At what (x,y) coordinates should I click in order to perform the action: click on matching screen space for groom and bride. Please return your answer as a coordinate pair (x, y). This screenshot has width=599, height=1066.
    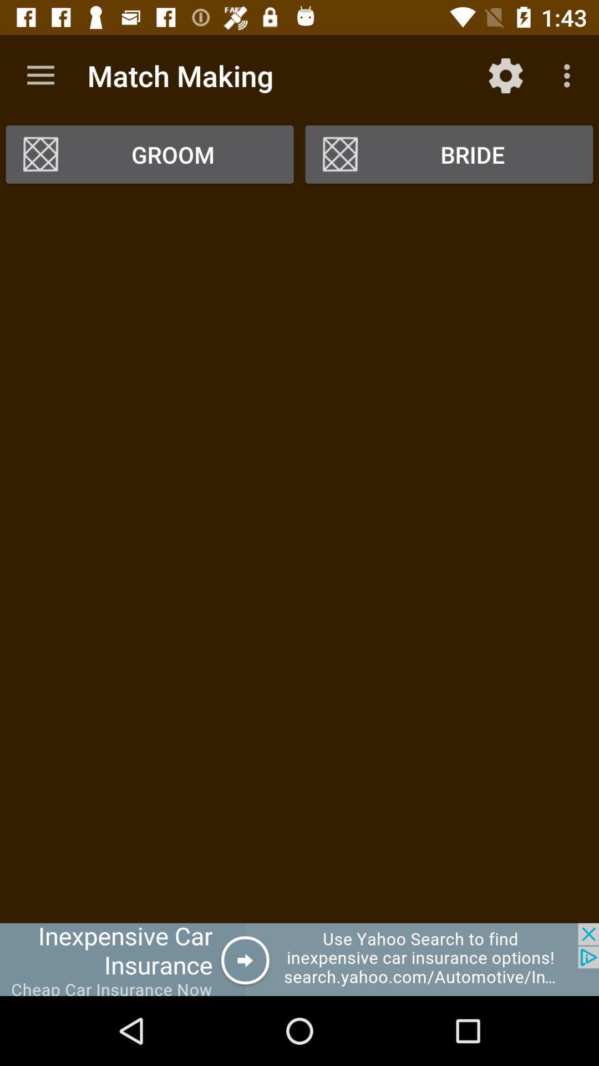
    Looking at the image, I should click on (299, 557).